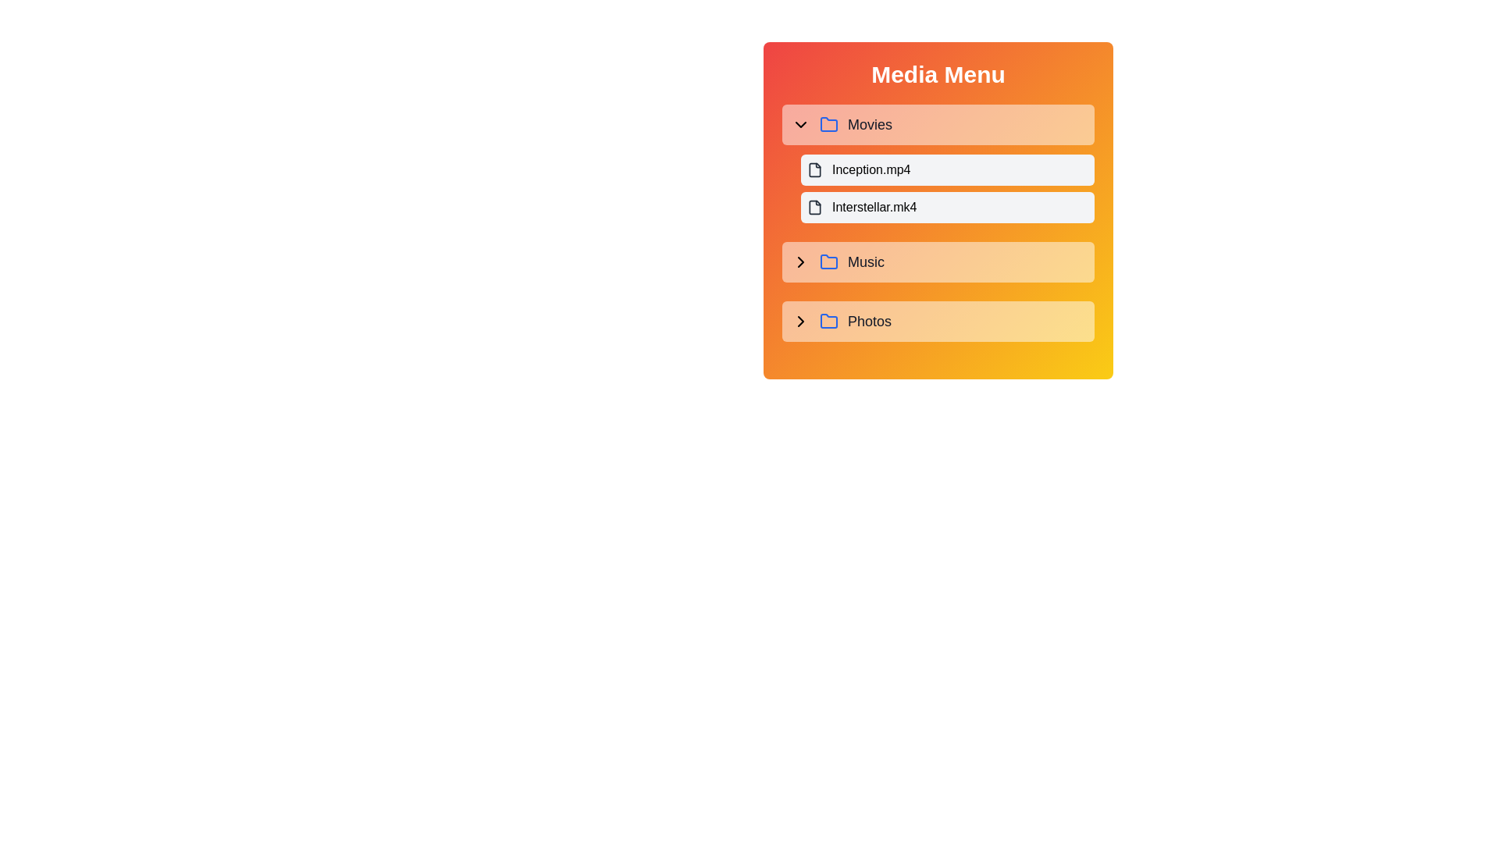  I want to click on the 'Photos' folder item in the media menu, so click(937, 321).